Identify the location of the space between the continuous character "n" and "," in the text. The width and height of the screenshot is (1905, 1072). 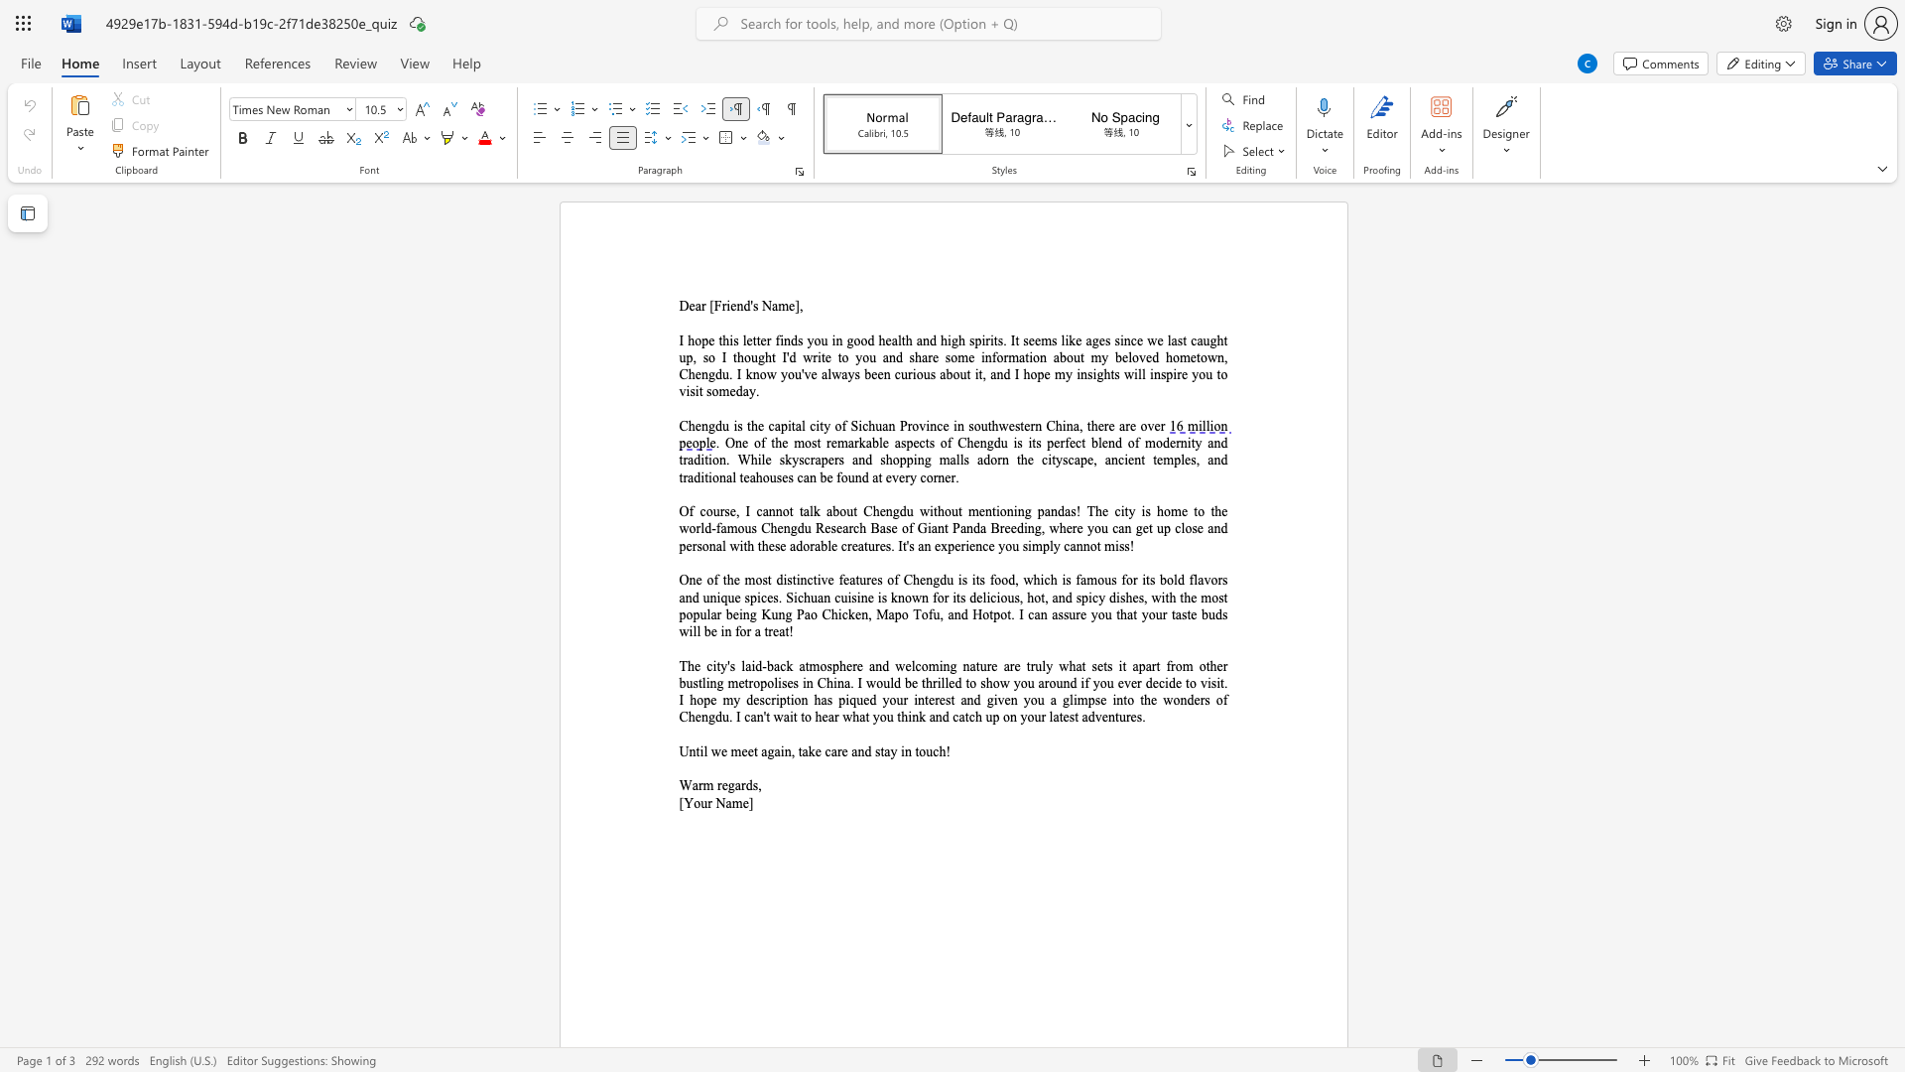
(789, 751).